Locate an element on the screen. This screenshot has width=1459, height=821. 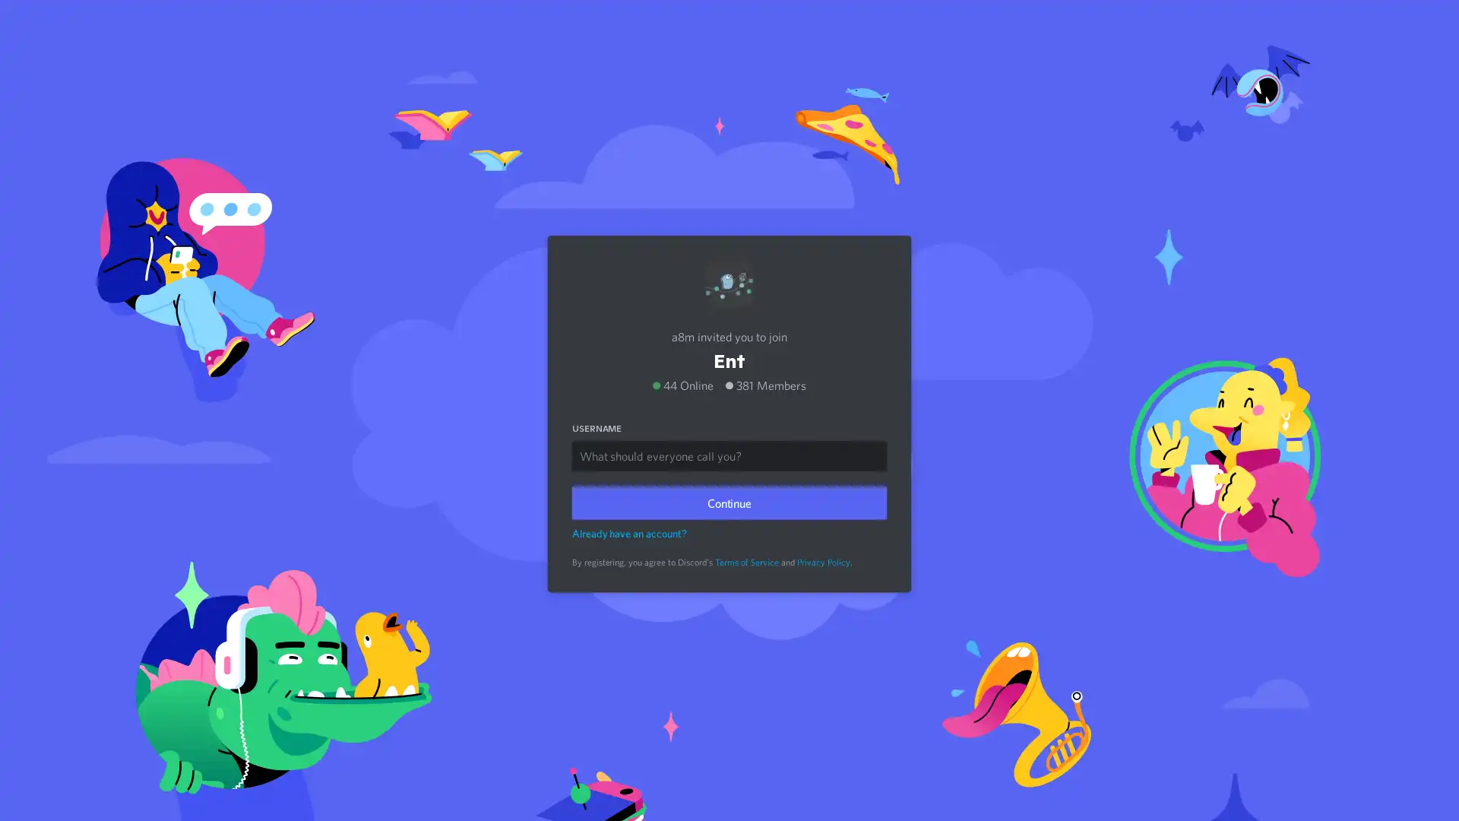
Already have an account? is located at coordinates (629, 529).